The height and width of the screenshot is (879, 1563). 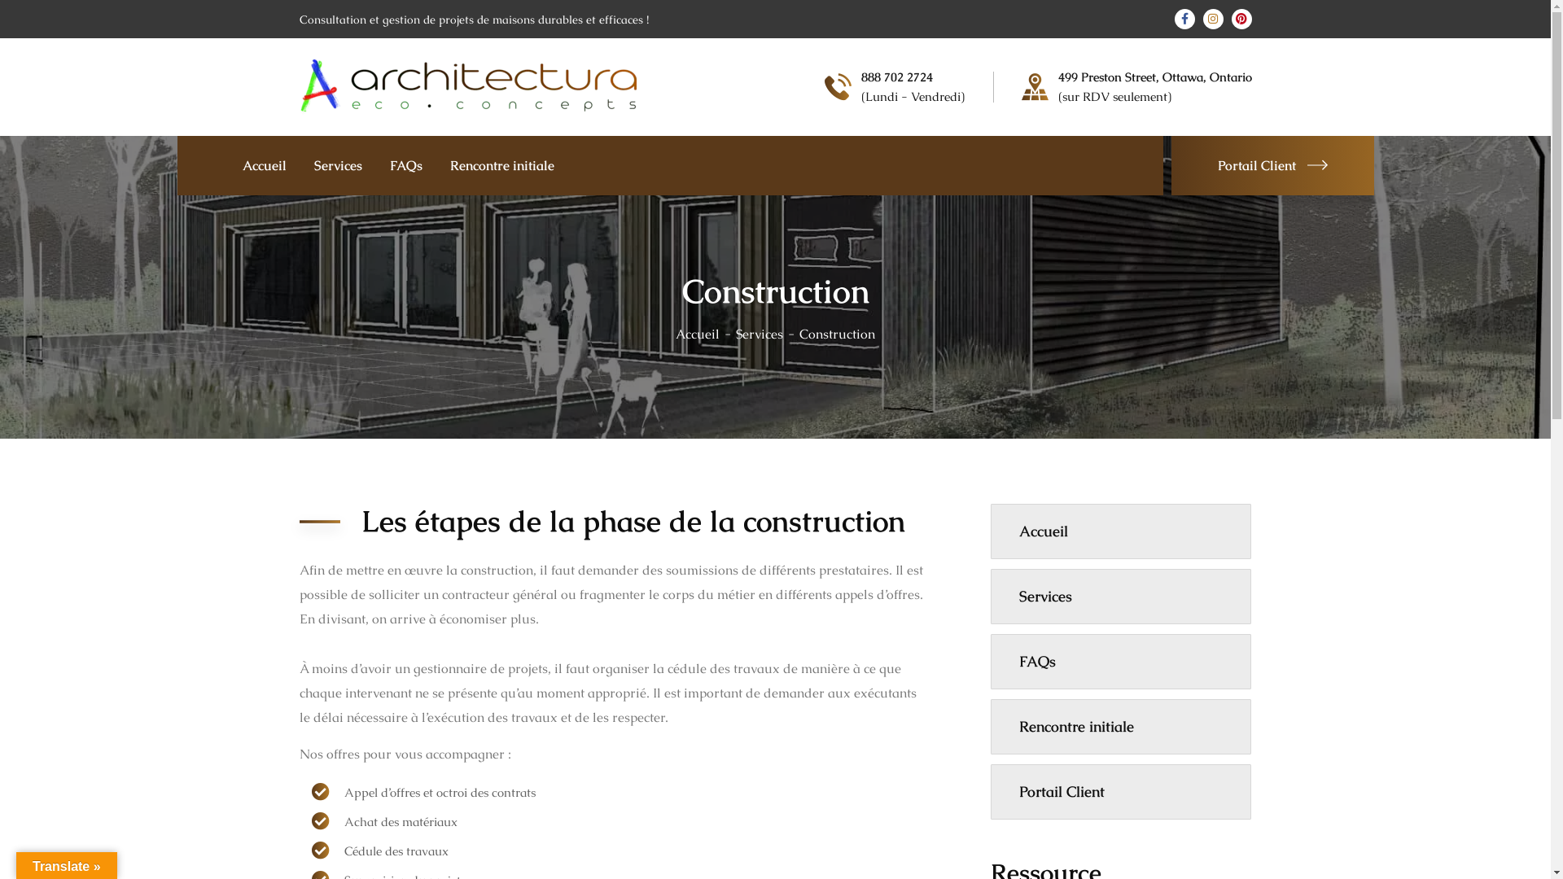 What do you see at coordinates (706, 333) in the screenshot?
I see `'Accueil'` at bounding box center [706, 333].